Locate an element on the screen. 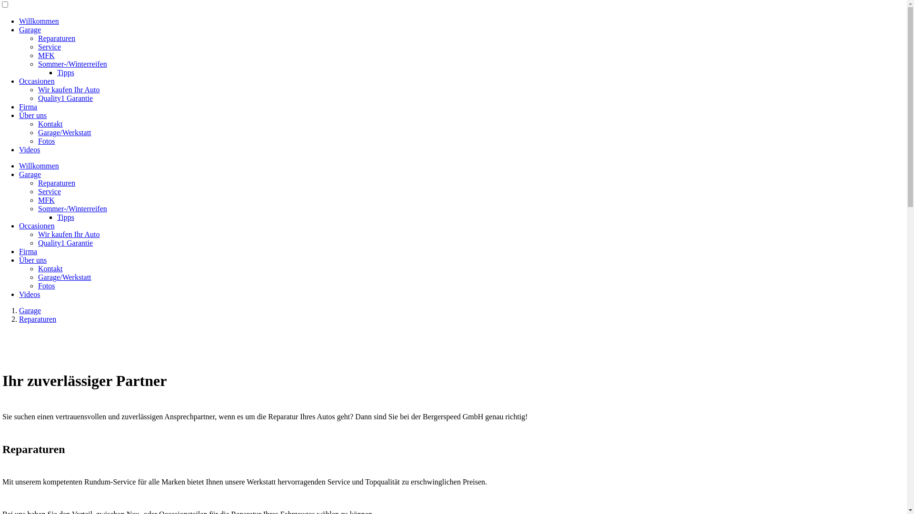 Image resolution: width=914 pixels, height=514 pixels. 'Firma' is located at coordinates (28, 251).